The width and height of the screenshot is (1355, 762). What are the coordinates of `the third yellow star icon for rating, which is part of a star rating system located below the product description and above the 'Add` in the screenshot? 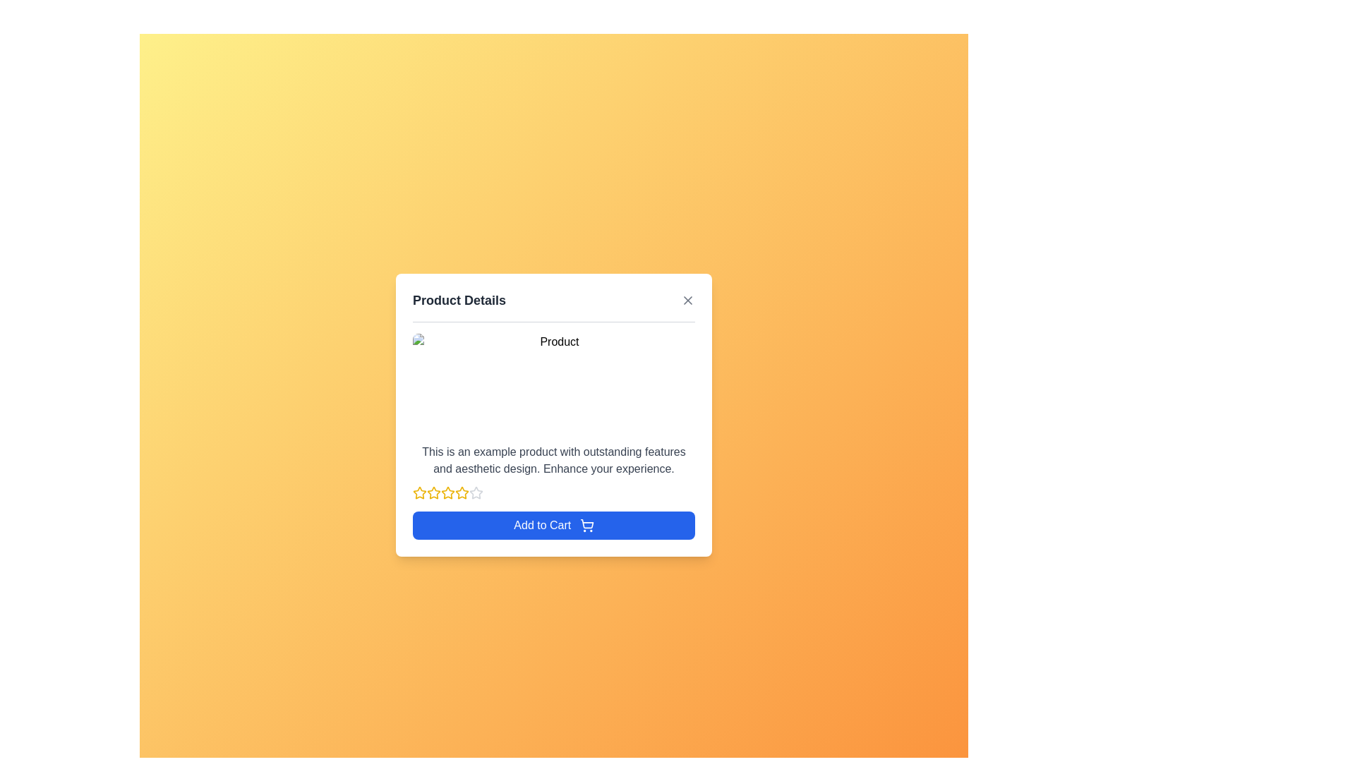 It's located at (461, 492).